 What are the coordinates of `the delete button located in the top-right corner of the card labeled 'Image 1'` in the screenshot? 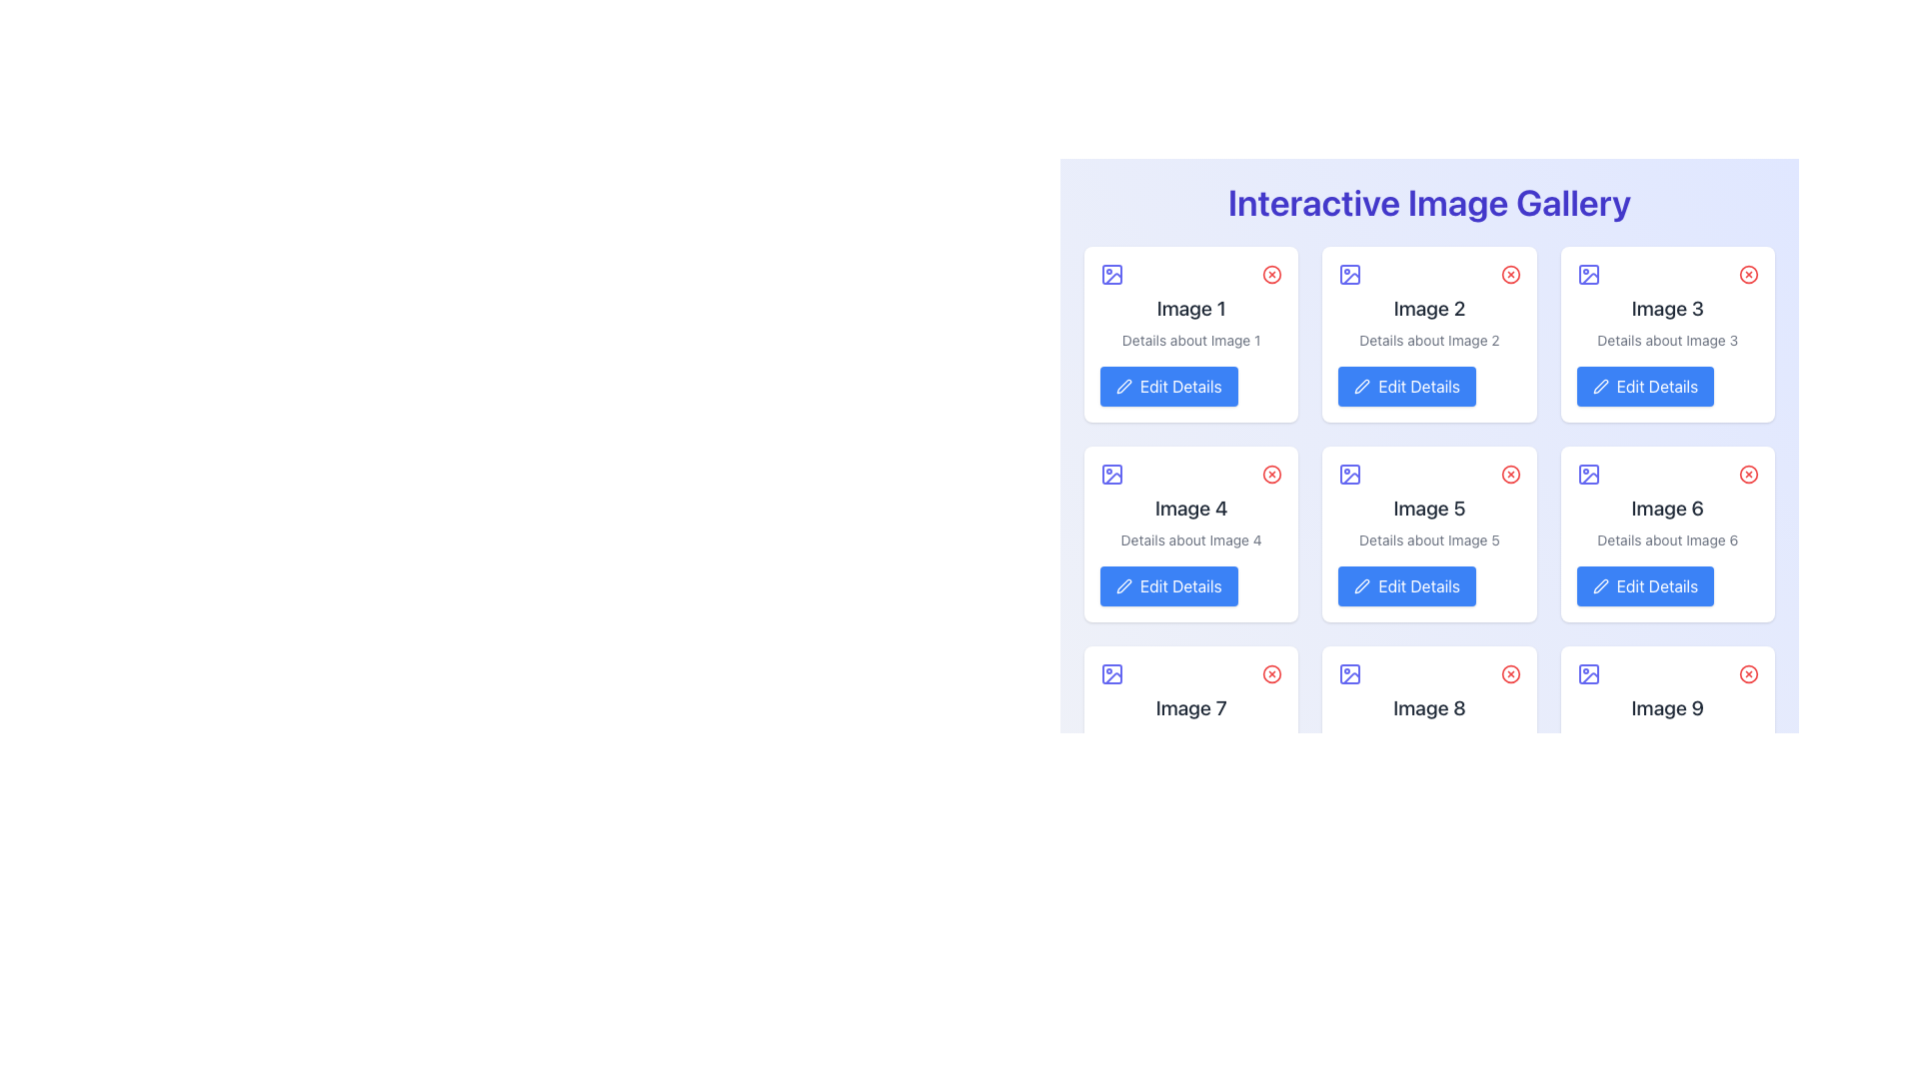 It's located at (1271, 274).